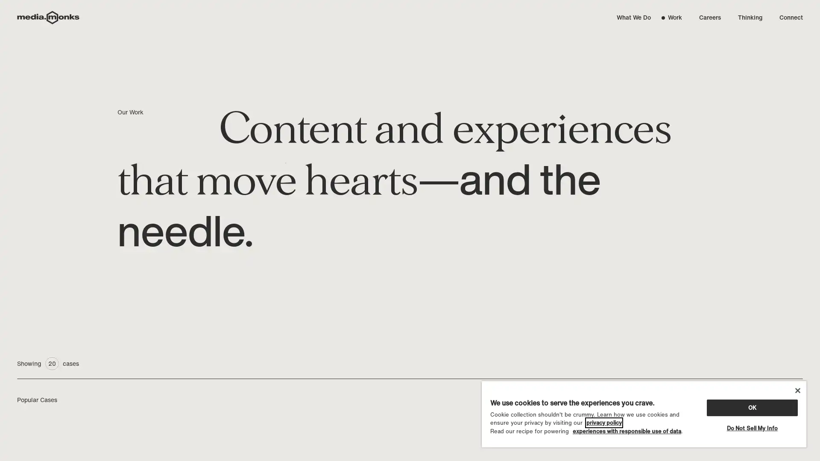 Image resolution: width=820 pixels, height=461 pixels. I want to click on Do Not Sell My Info, so click(752, 428).